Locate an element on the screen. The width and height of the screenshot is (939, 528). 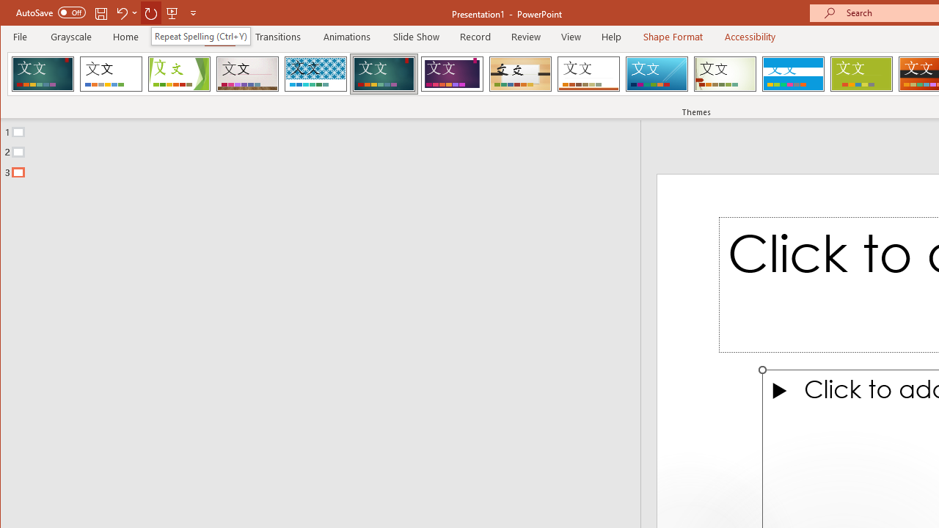
'Repeat Spelling (Ctrl+Y)' is located at coordinates (200, 35).